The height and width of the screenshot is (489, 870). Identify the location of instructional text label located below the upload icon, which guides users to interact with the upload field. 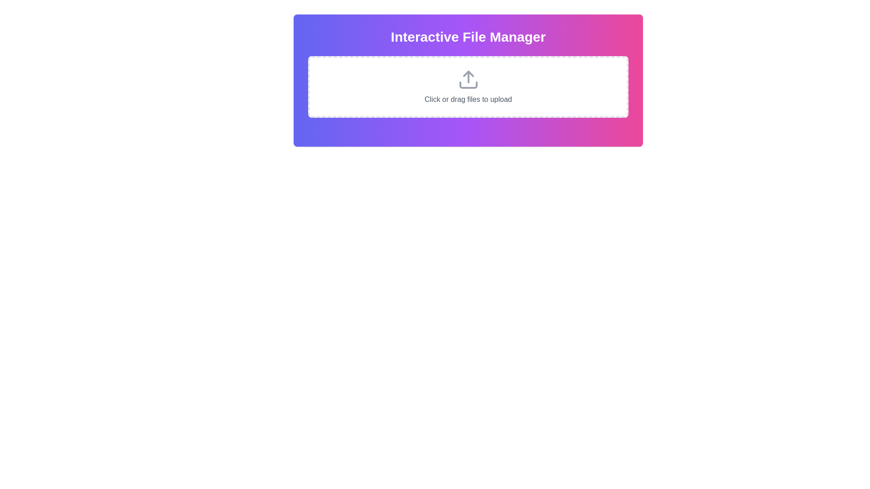
(468, 99).